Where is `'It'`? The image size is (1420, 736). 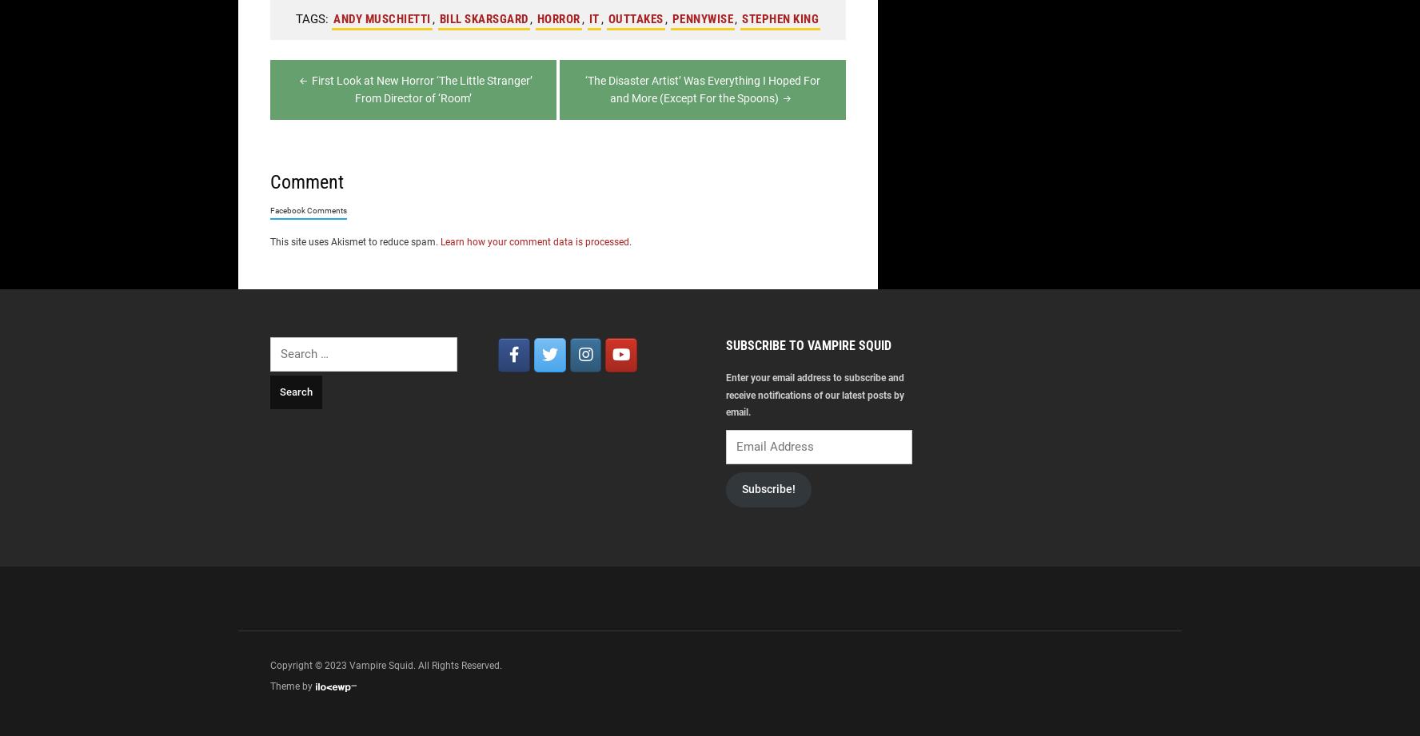 'It' is located at coordinates (592, 18).